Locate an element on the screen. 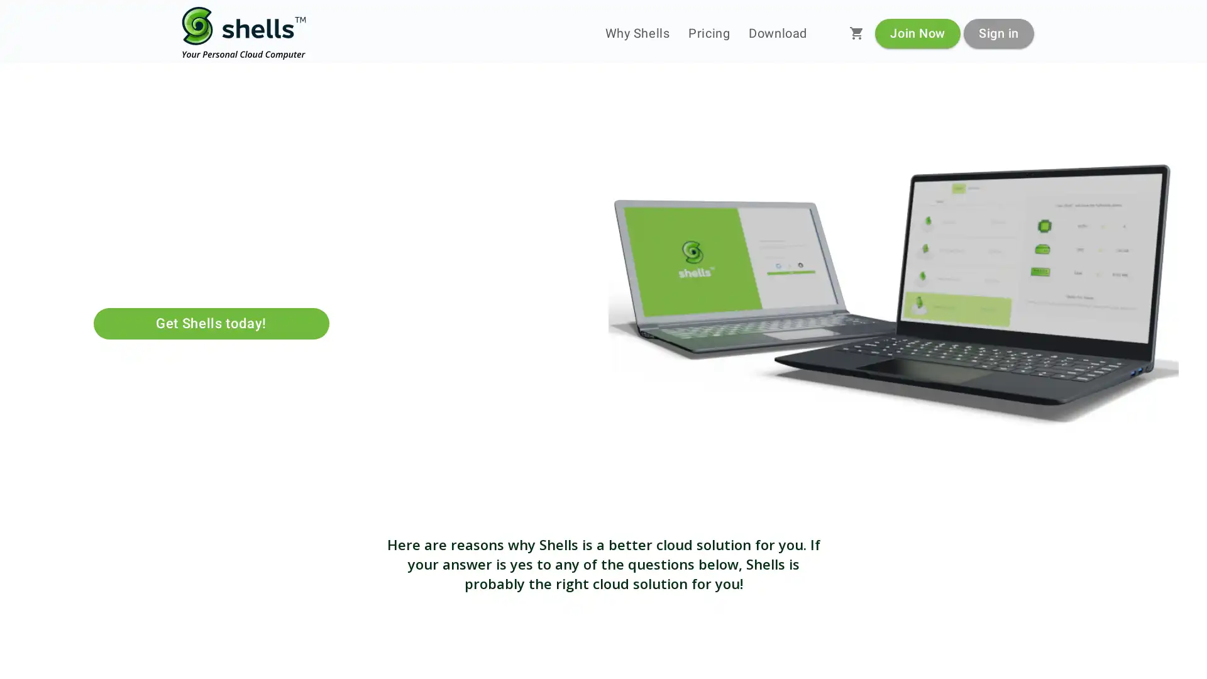 Image resolution: width=1207 pixels, height=679 pixels. Join Now is located at coordinates (917, 32).